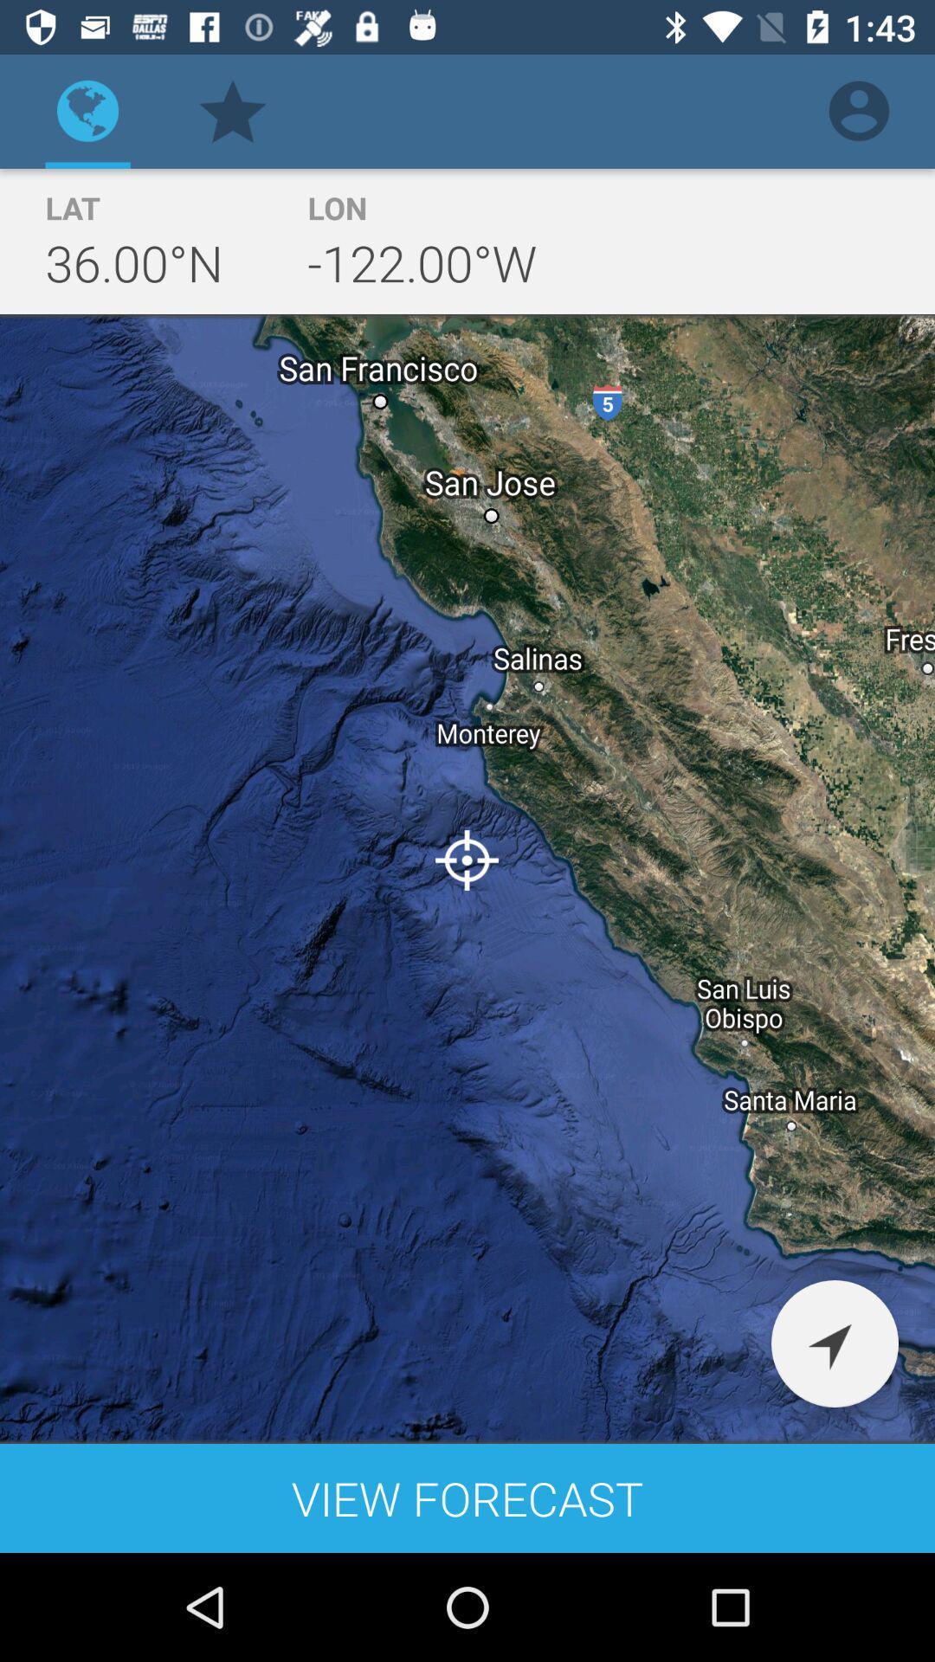  Describe the element at coordinates (859, 110) in the screenshot. I see `the avatar icon` at that location.